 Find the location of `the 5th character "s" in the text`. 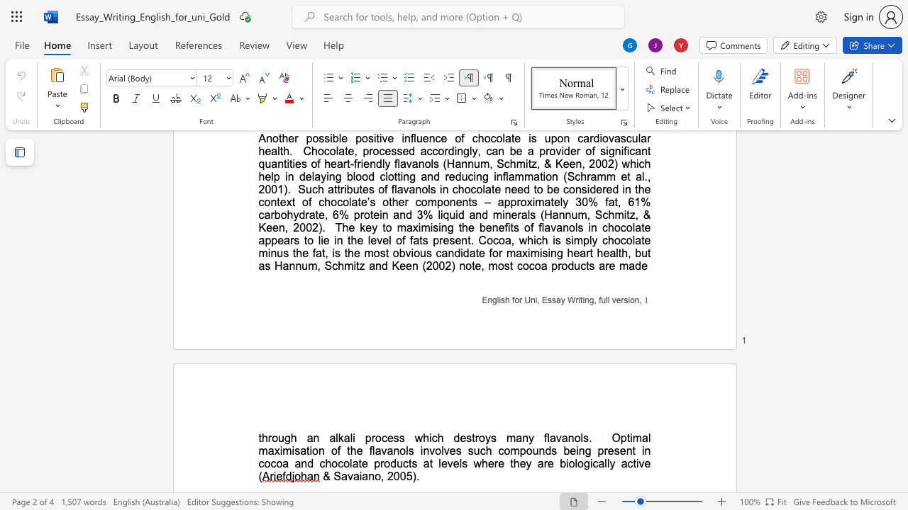

the 5th character "s" in the text is located at coordinates (586, 437).